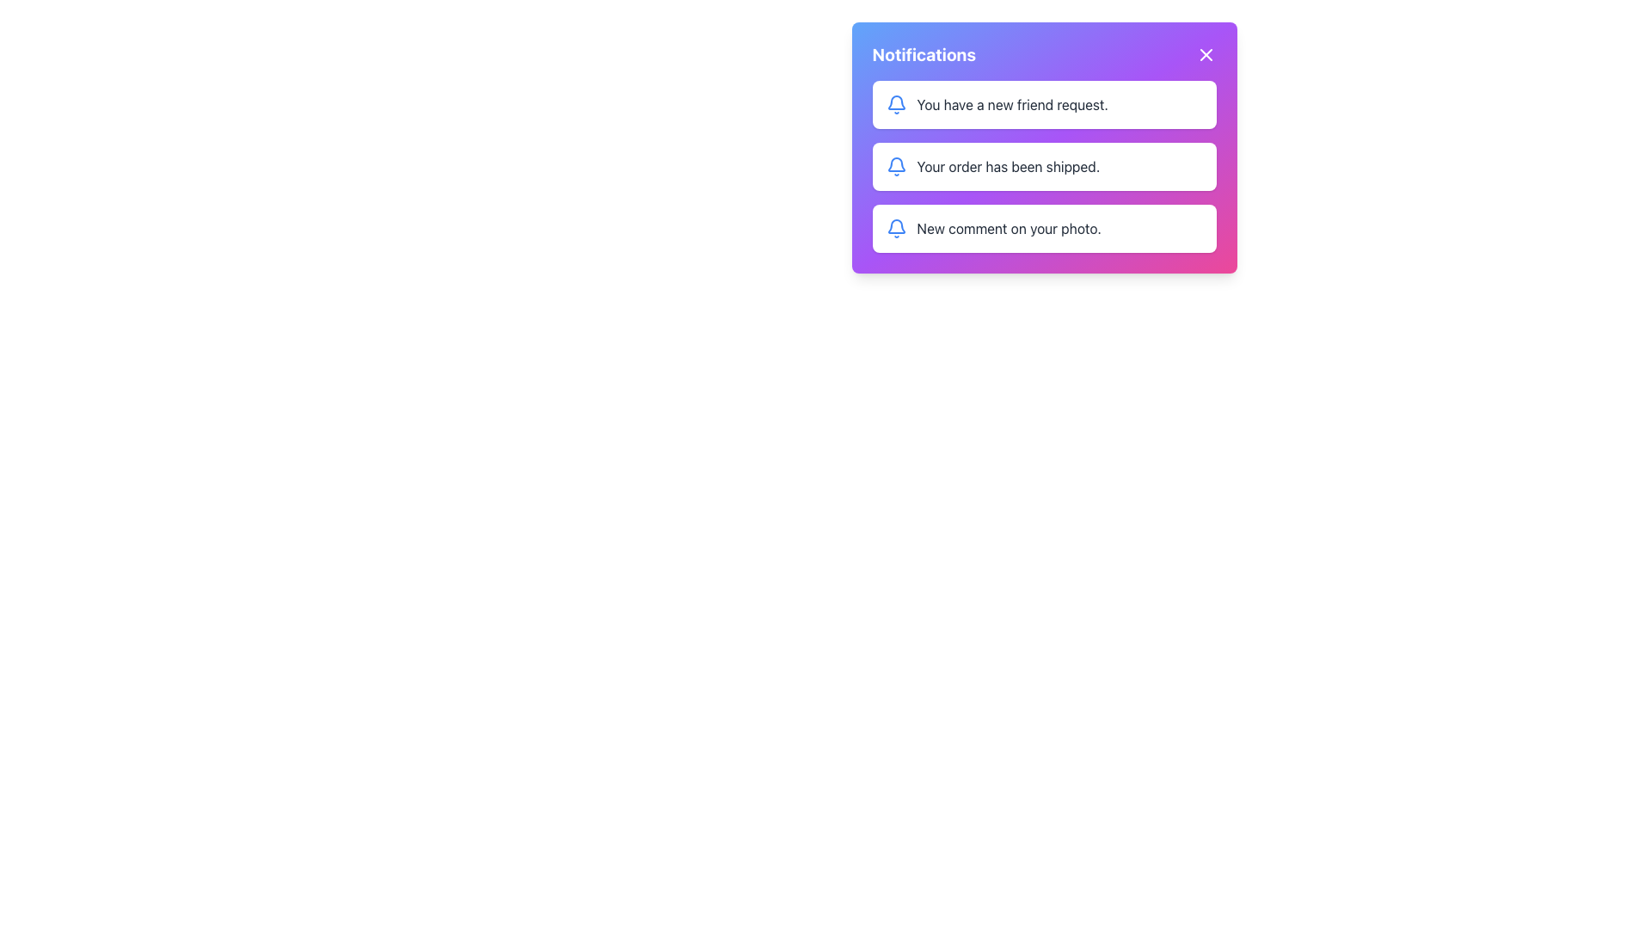 The image size is (1651, 929). I want to click on the notification box styled with a gradient background transitioning from blue to pink, which contains three notification items, so click(1043, 147).